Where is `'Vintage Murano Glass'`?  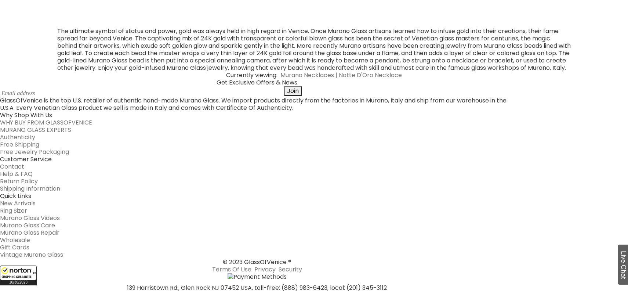
'Vintage Murano Glass' is located at coordinates (0, 119).